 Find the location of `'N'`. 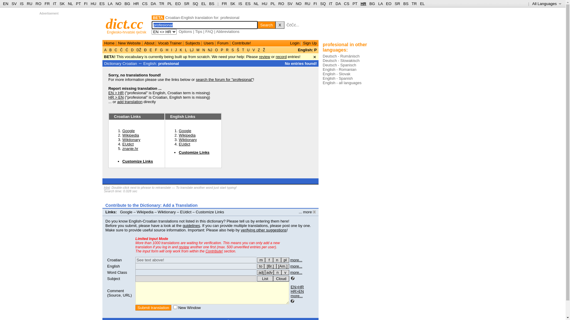

'N' is located at coordinates (203, 50).